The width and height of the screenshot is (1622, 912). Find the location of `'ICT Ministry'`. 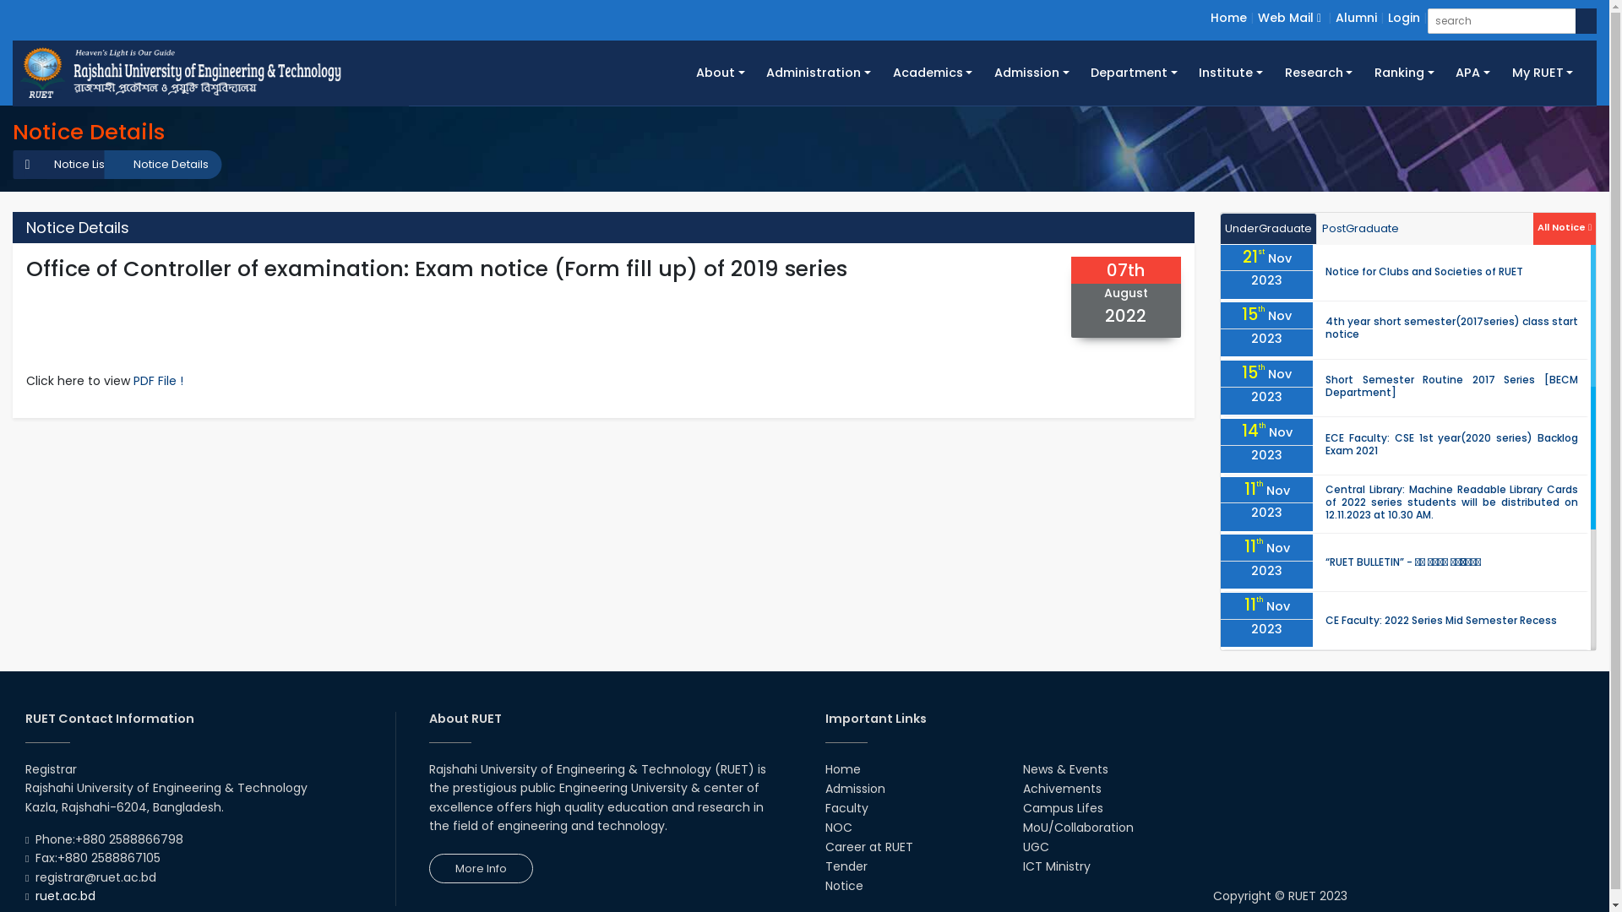

'ICT Ministry' is located at coordinates (1056, 866).